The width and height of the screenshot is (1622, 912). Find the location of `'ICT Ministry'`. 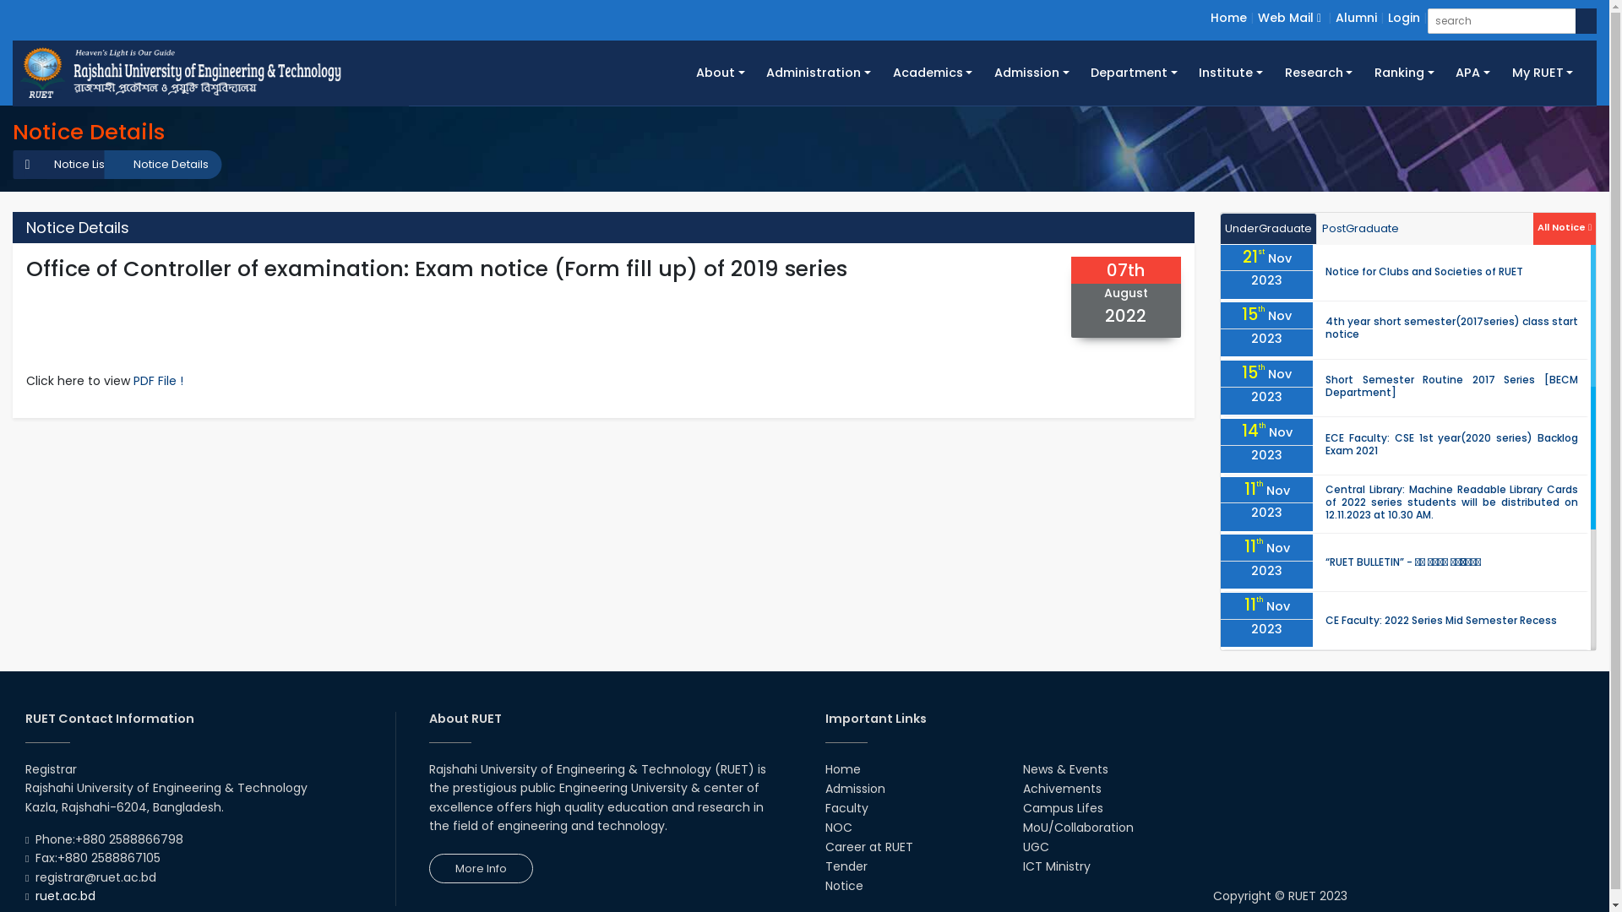

'ICT Ministry' is located at coordinates (1056, 866).